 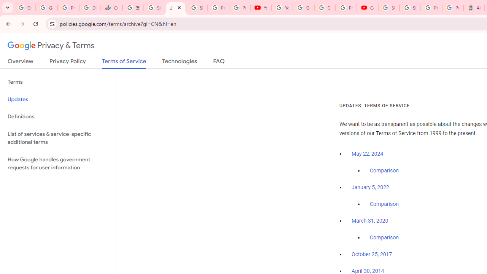 I want to click on 'October 25, 2017', so click(x=372, y=255).